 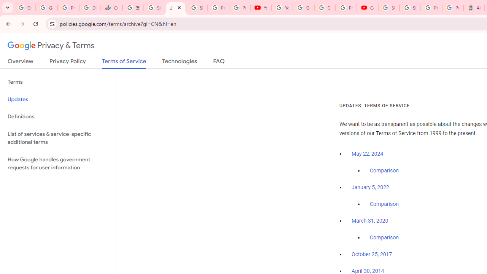 I want to click on 'October 25, 2017', so click(x=372, y=255).